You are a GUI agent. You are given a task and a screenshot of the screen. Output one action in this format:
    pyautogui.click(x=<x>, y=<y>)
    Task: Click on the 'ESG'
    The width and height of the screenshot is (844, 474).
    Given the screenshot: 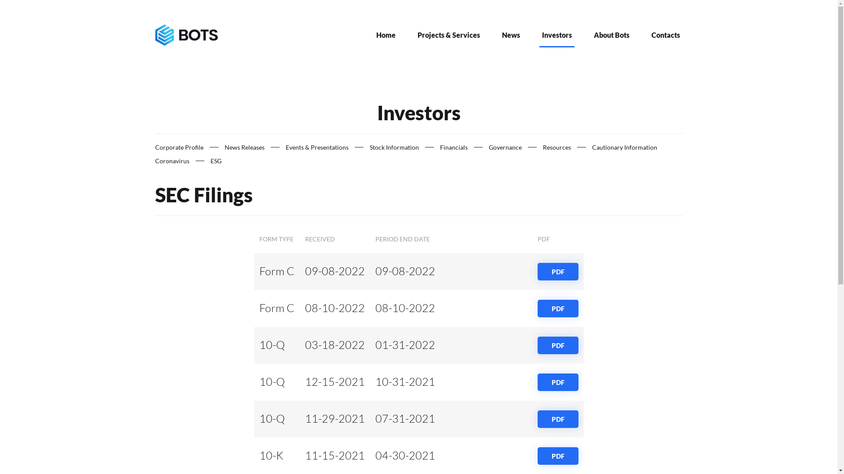 What is the action you would take?
    pyautogui.click(x=215, y=161)
    